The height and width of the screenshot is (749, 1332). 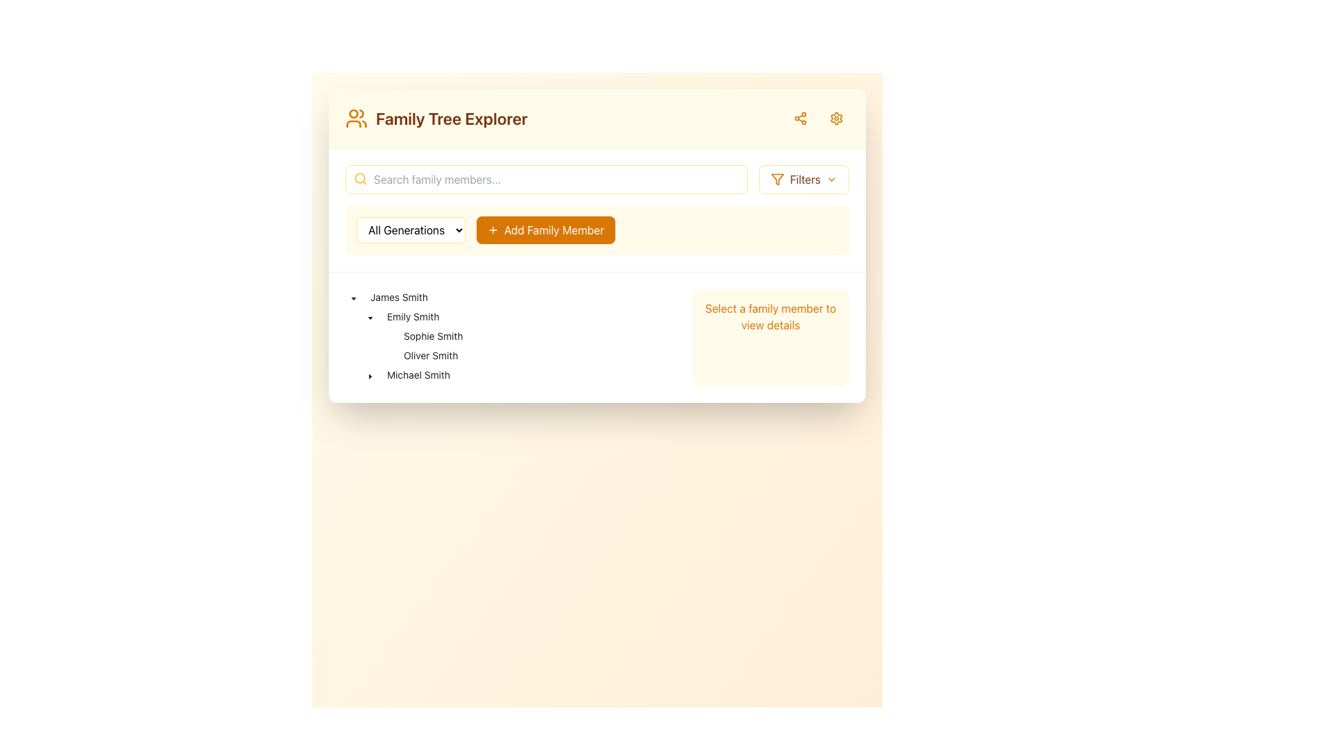 I want to click on the center of the gear/settings icon located near the top-right corner of the user interface, so click(x=835, y=117).